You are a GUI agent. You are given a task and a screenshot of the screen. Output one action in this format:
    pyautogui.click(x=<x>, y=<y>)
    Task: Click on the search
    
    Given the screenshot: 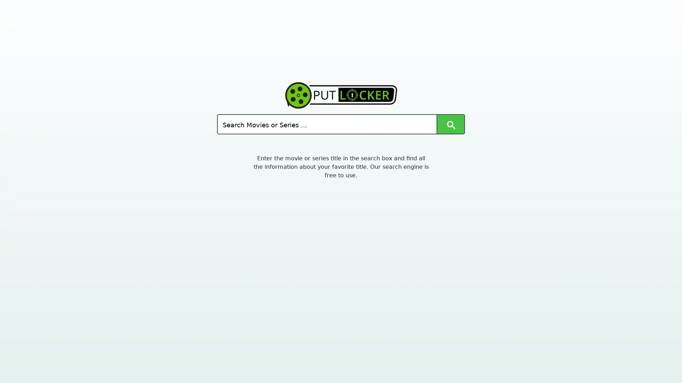 What is the action you would take?
    pyautogui.click(x=450, y=124)
    